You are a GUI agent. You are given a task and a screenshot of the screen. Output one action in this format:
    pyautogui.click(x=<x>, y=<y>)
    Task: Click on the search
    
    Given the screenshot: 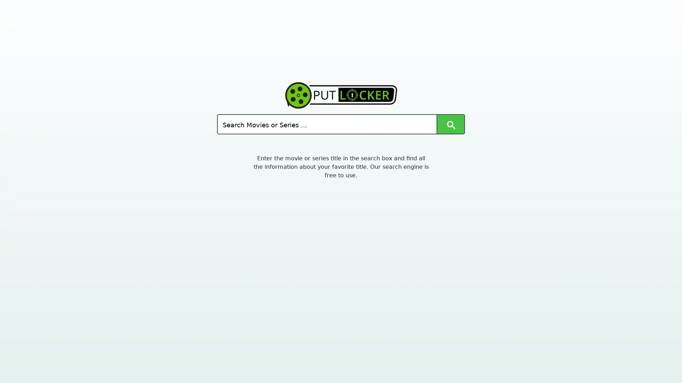 What is the action you would take?
    pyautogui.click(x=450, y=124)
    